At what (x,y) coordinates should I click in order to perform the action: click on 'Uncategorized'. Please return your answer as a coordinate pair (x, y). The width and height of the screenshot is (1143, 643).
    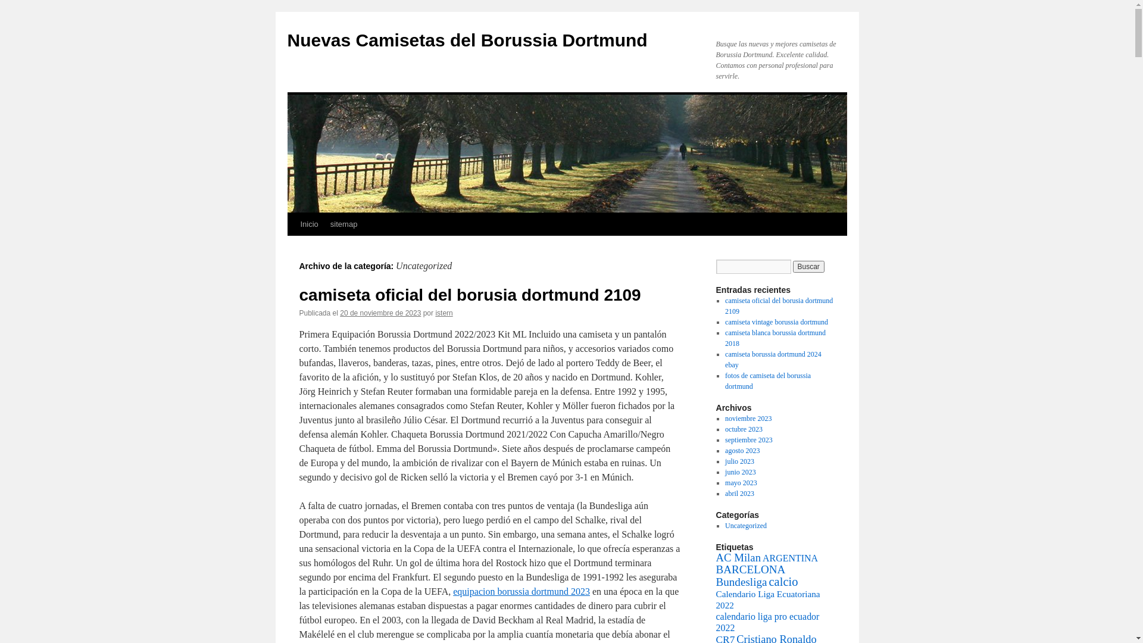
    Looking at the image, I should click on (724, 525).